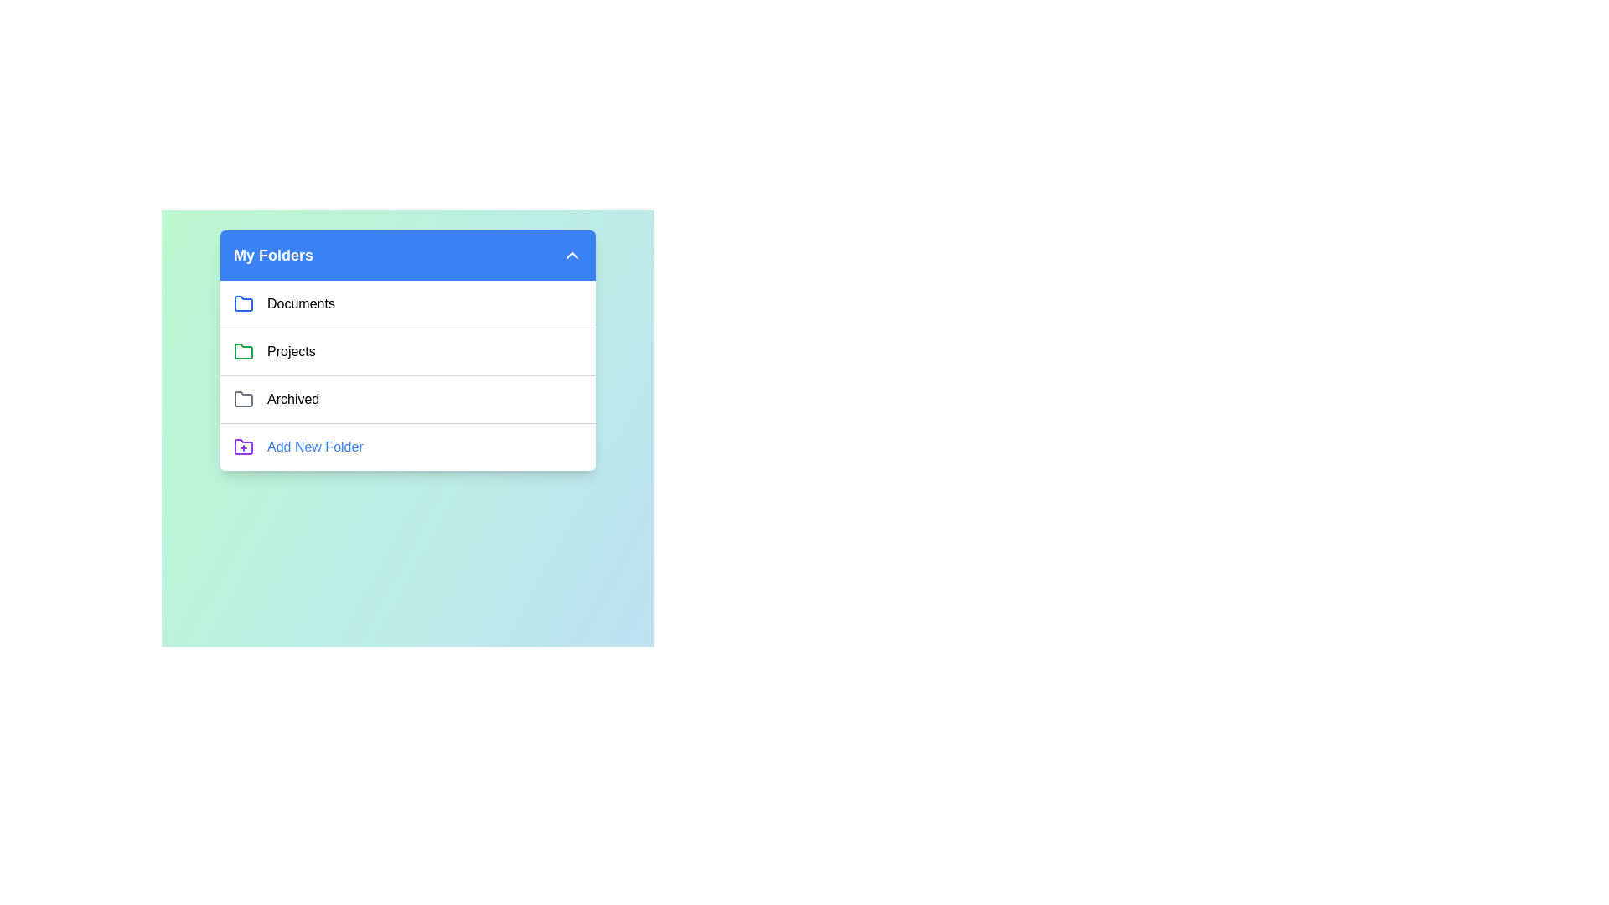 This screenshot has height=905, width=1609. Describe the element at coordinates (407, 255) in the screenshot. I see `the header button to toggle the folder list visibility` at that location.